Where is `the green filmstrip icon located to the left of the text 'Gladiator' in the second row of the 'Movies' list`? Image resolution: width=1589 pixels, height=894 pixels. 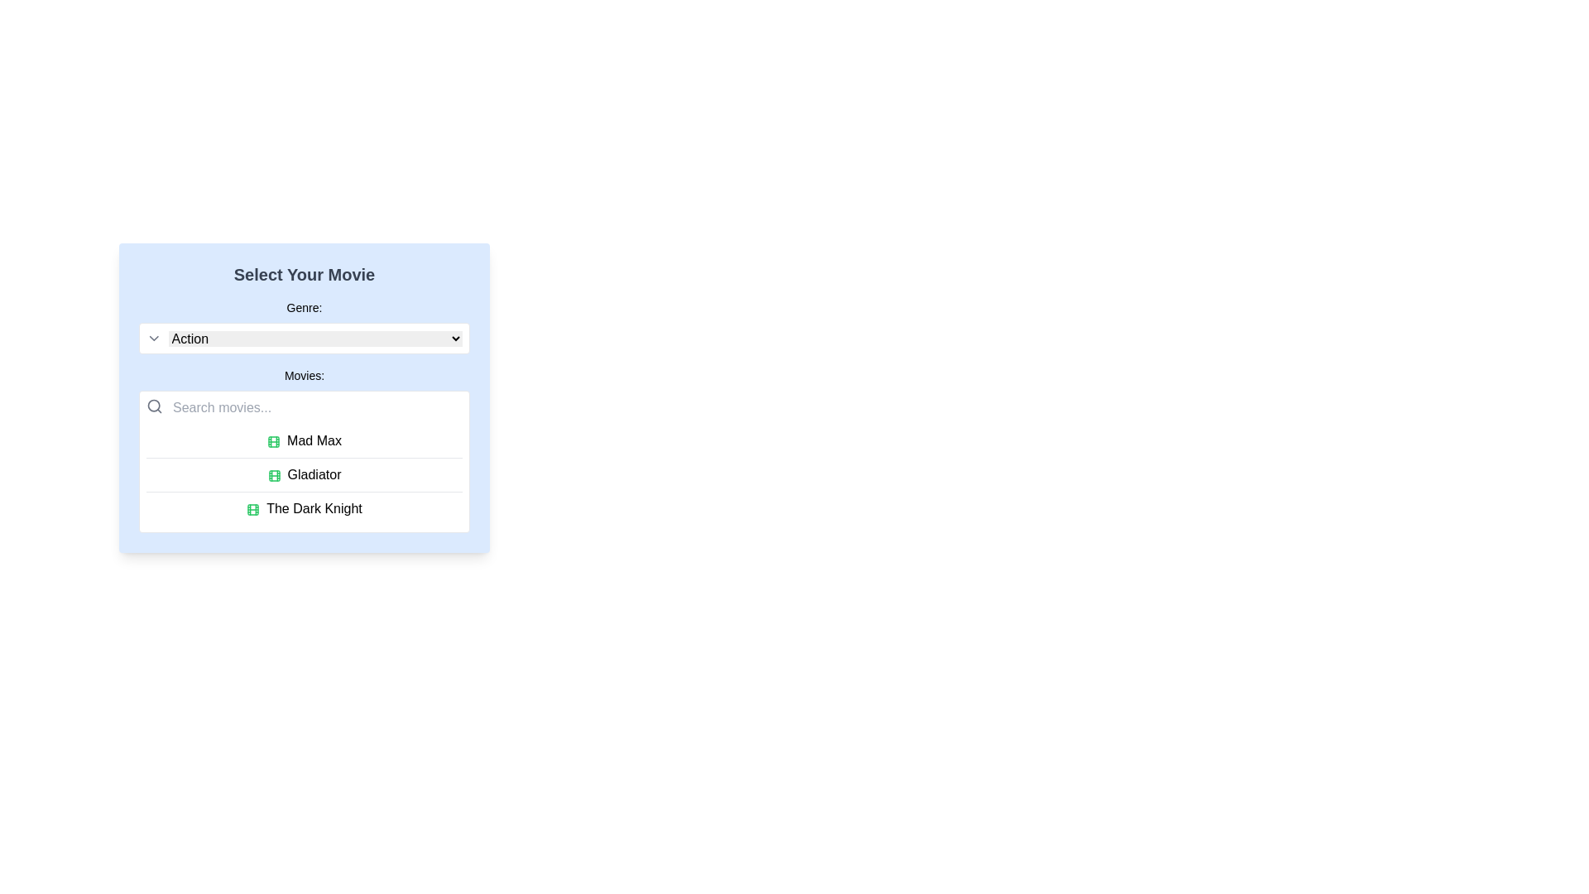
the green filmstrip icon located to the left of the text 'Gladiator' in the second row of the 'Movies' list is located at coordinates (274, 475).